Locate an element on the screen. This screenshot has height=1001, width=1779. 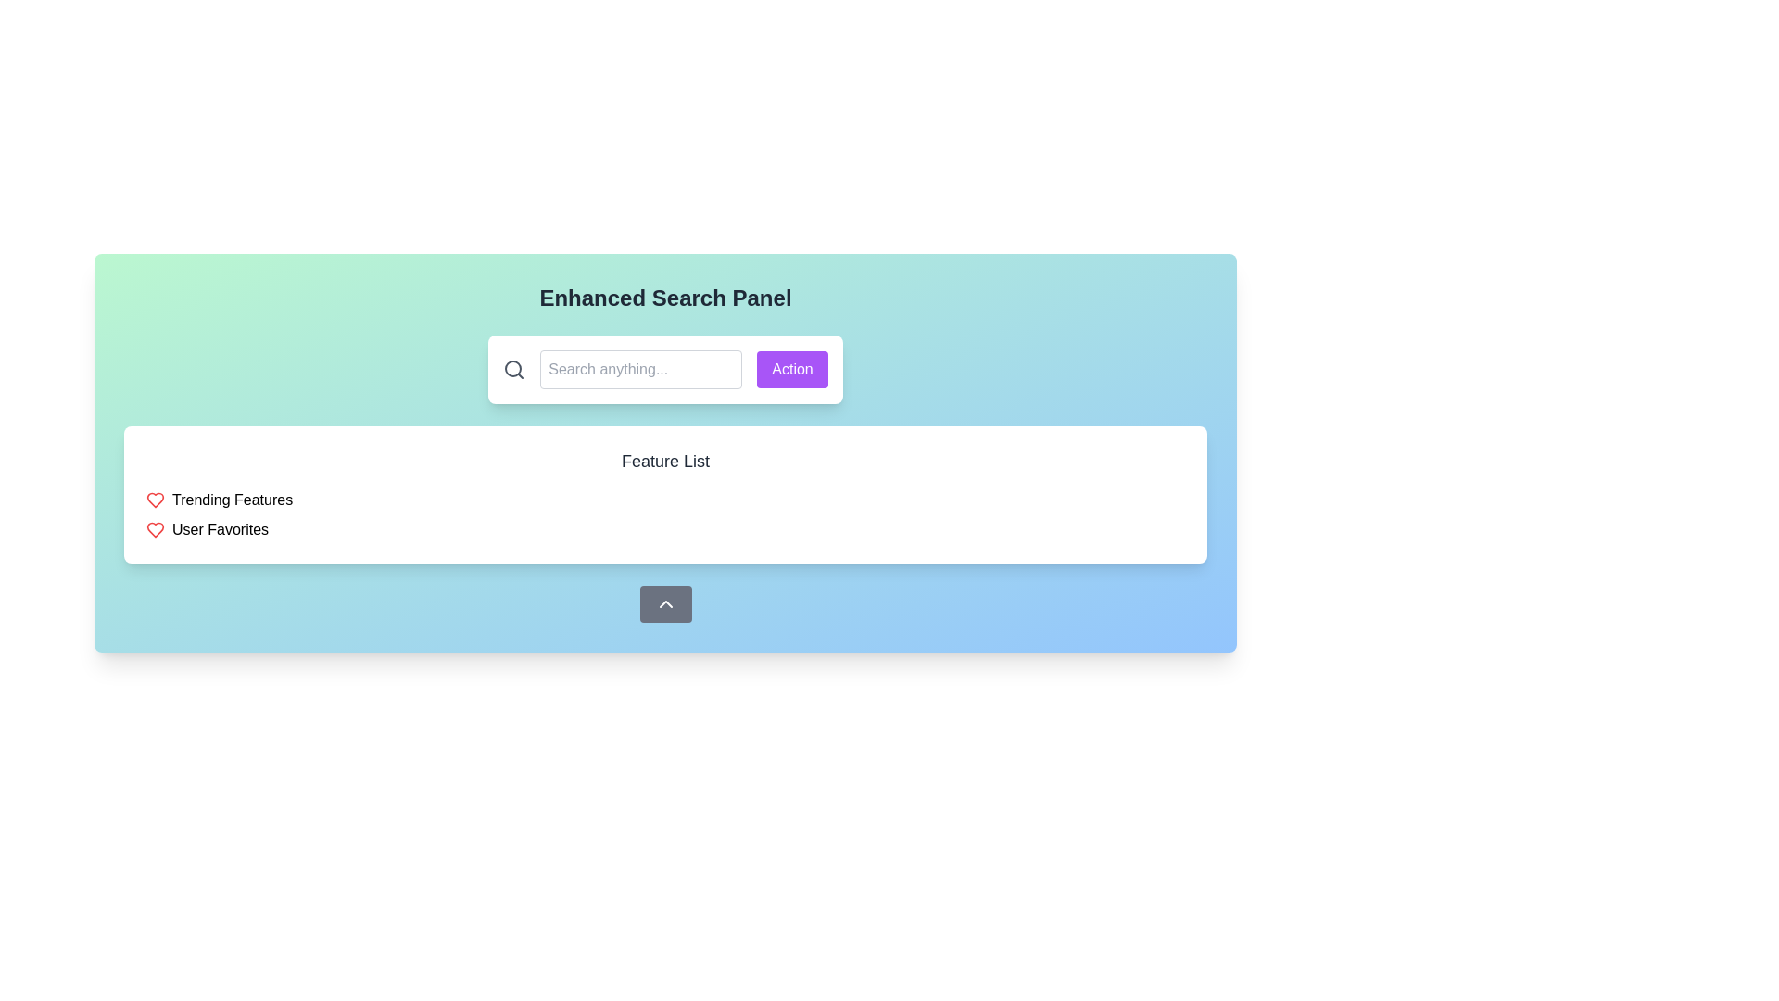
the small, circular magnifying glass icon located on the far-left side of the white search bar area, adjacent to the search input field is located at coordinates (514, 369).